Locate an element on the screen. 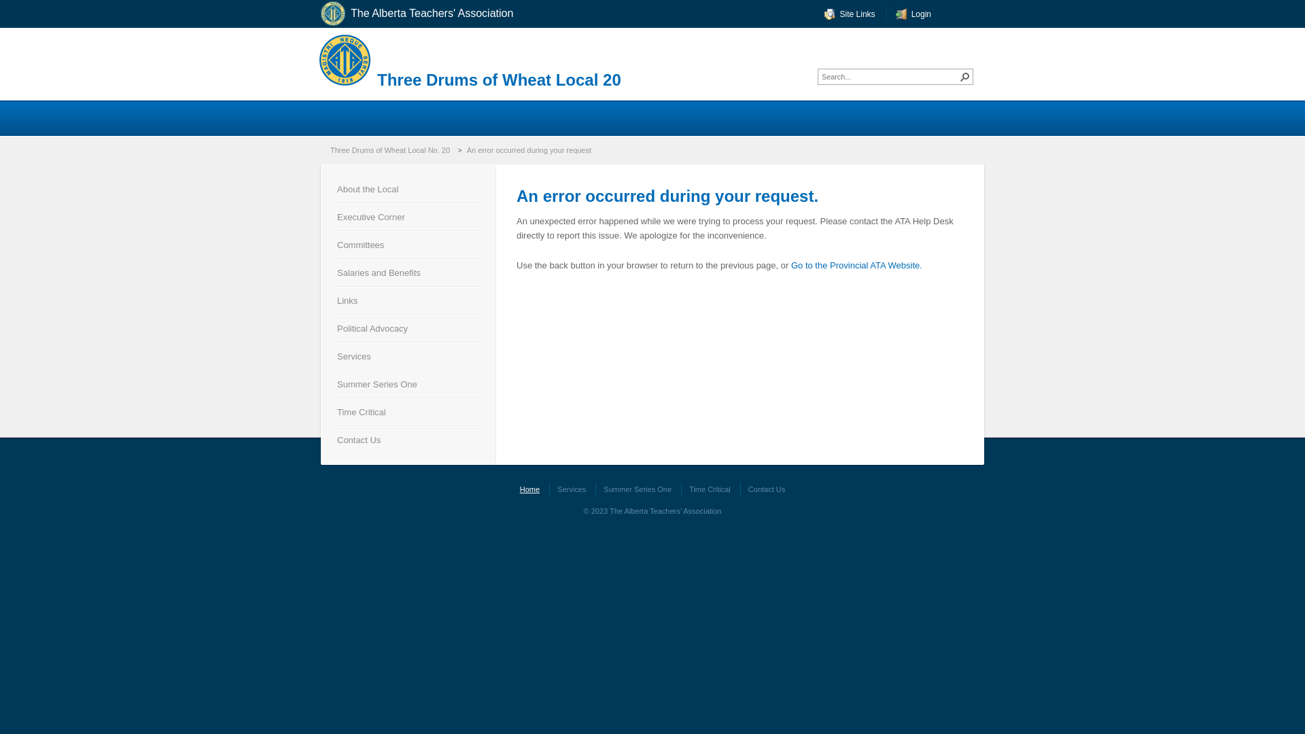 The width and height of the screenshot is (1305, 734). 'Search...' is located at coordinates (890, 76).